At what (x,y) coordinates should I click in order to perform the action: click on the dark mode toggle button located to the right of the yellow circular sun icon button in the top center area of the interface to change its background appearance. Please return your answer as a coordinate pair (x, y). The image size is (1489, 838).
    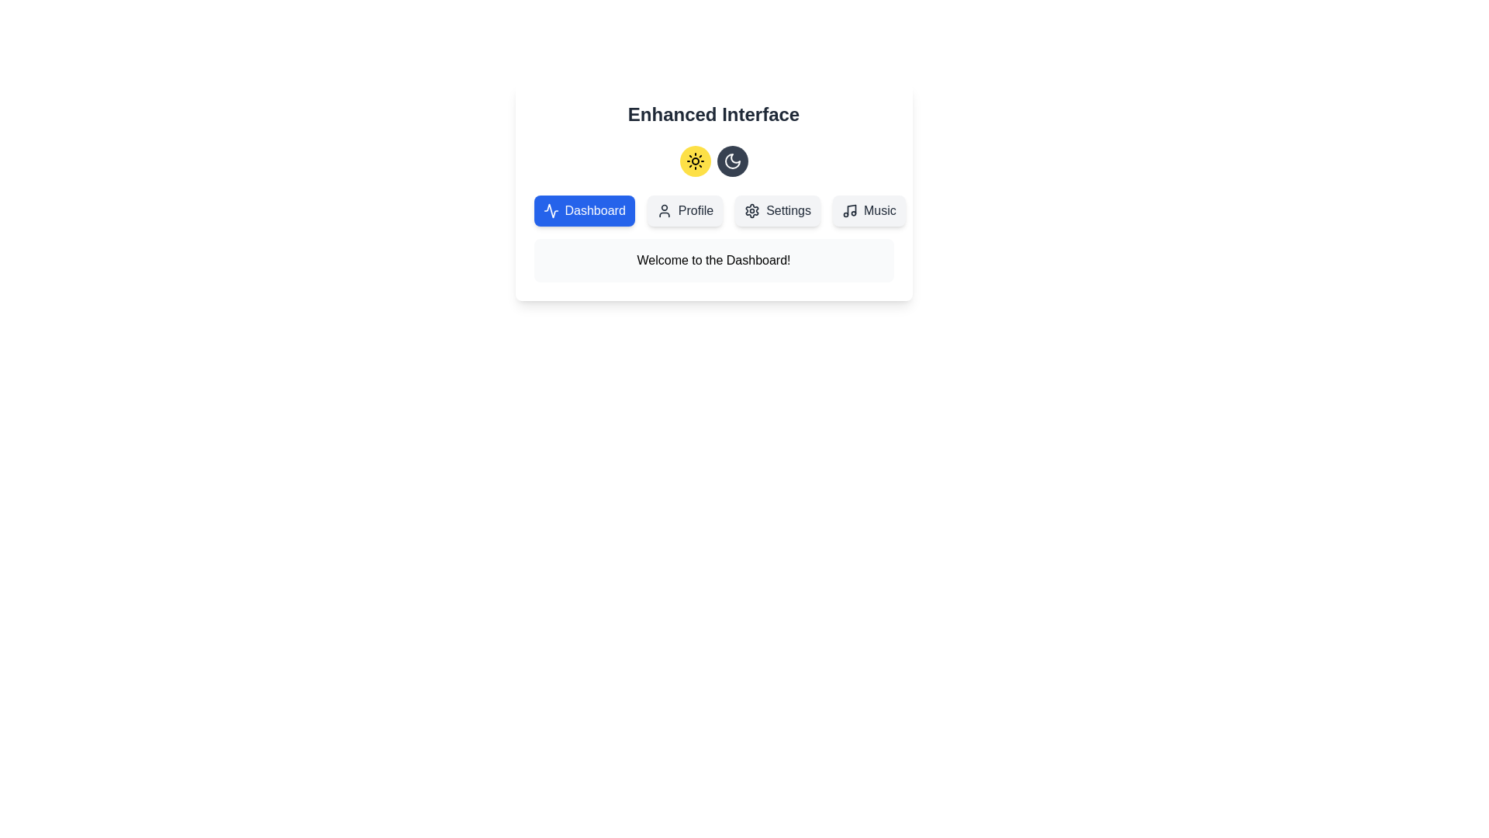
    Looking at the image, I should click on (731, 161).